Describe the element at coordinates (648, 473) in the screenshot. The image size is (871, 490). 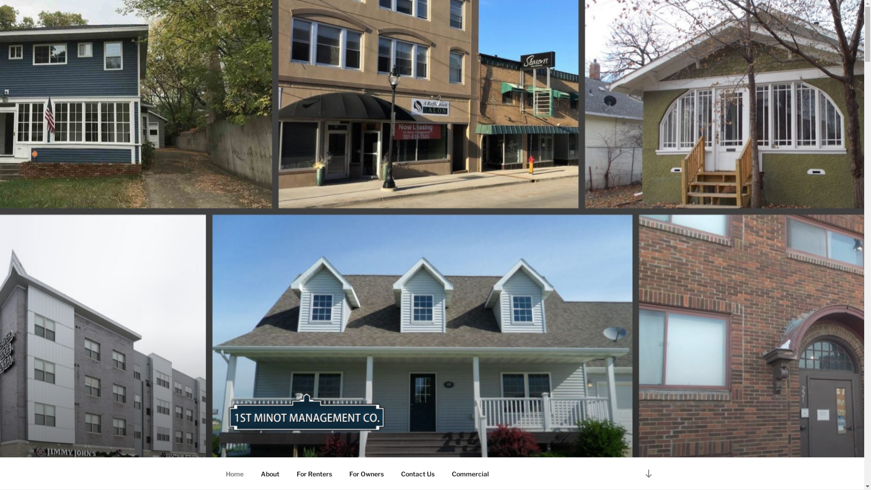
I see `'Scroll down to content'` at that location.